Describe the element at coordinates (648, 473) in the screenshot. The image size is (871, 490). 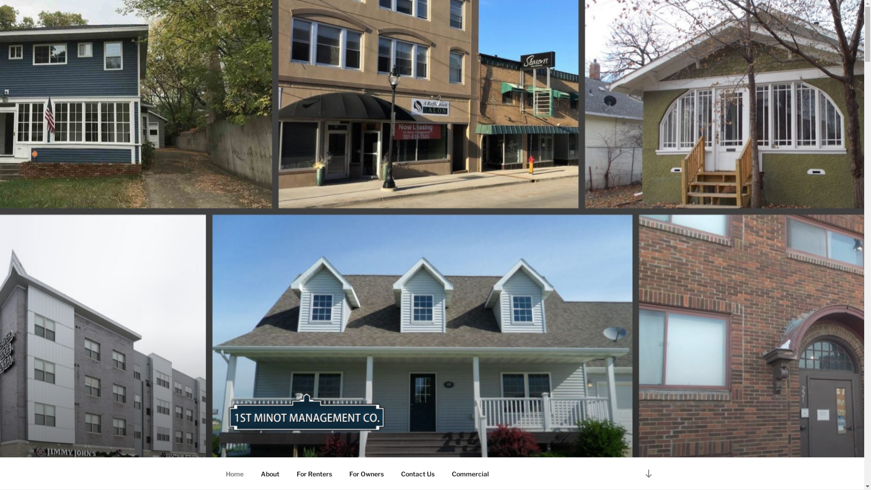
I see `'Scroll down to content'` at that location.